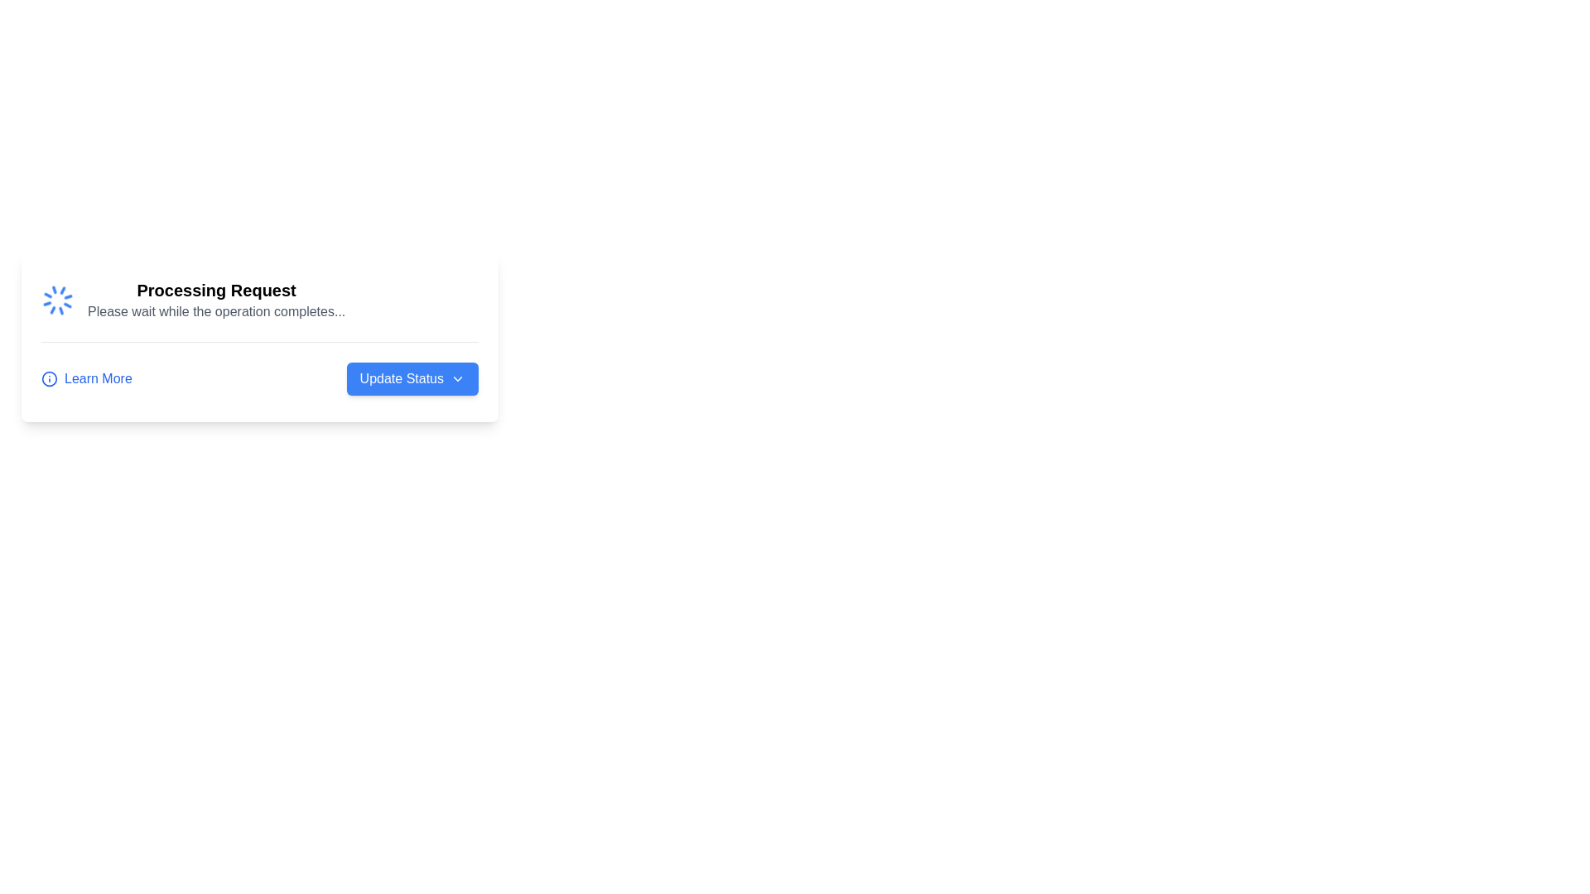 The width and height of the screenshot is (1590, 894). I want to click on the 'Update Status' button with a blue background and white text, so click(412, 379).